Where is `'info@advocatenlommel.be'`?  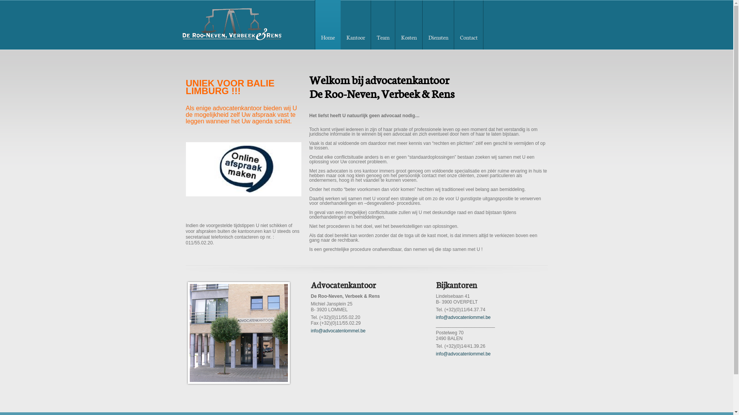
'info@advocatenlommel.be' is located at coordinates (463, 317).